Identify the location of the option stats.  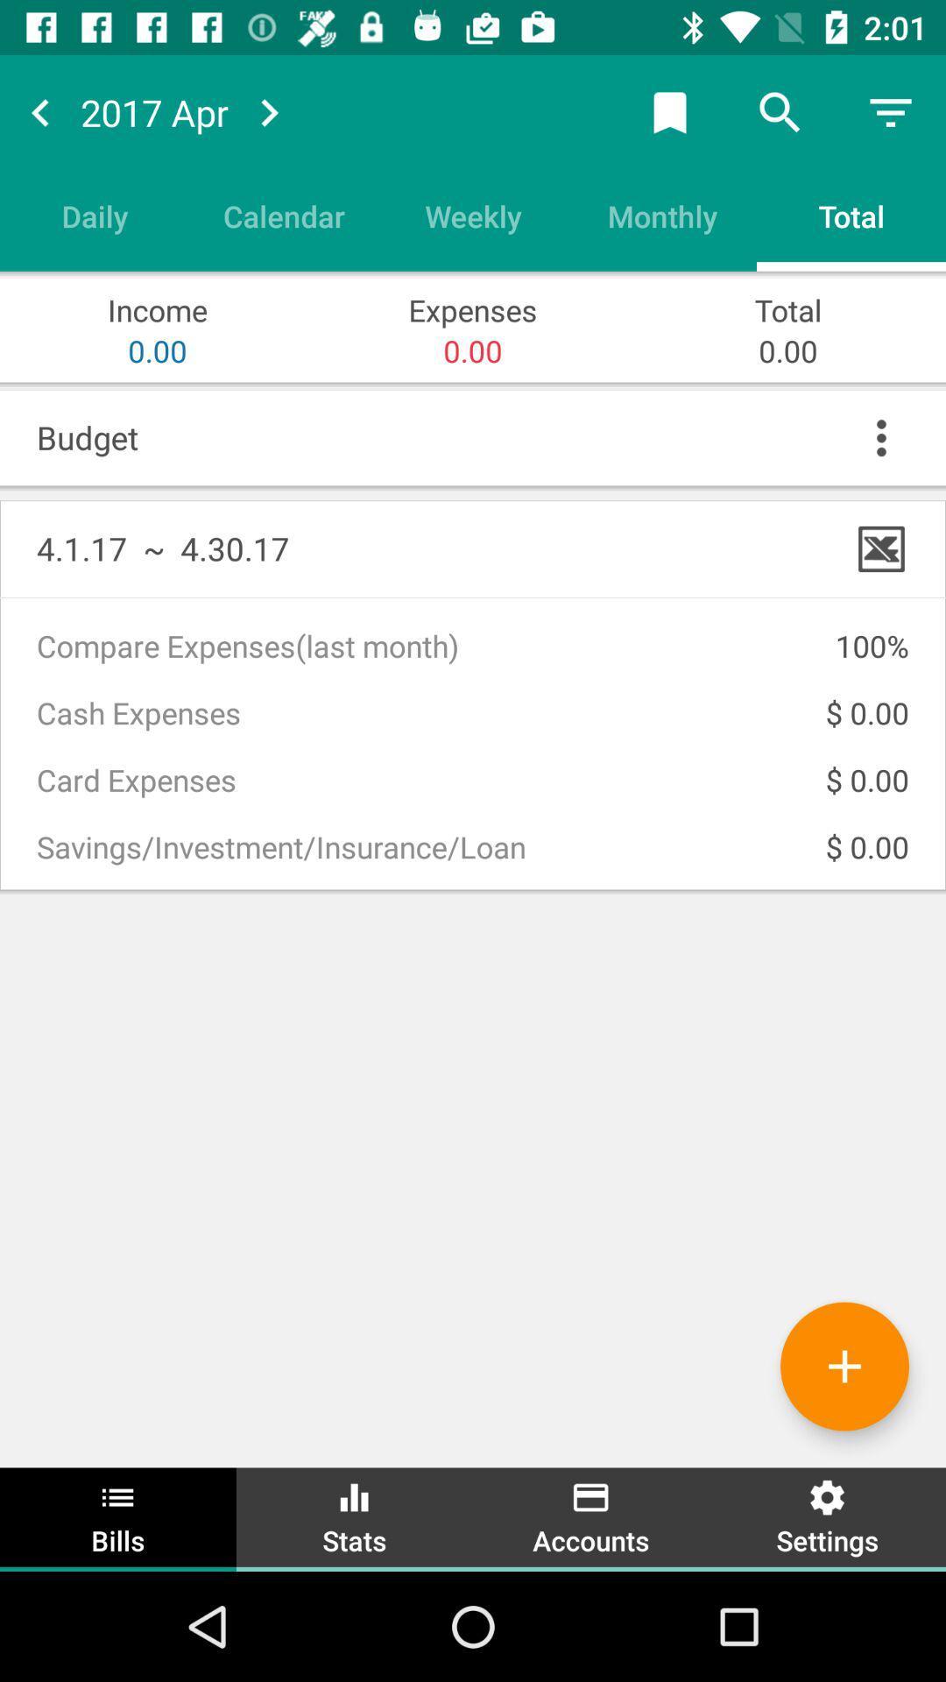
(355, 1516).